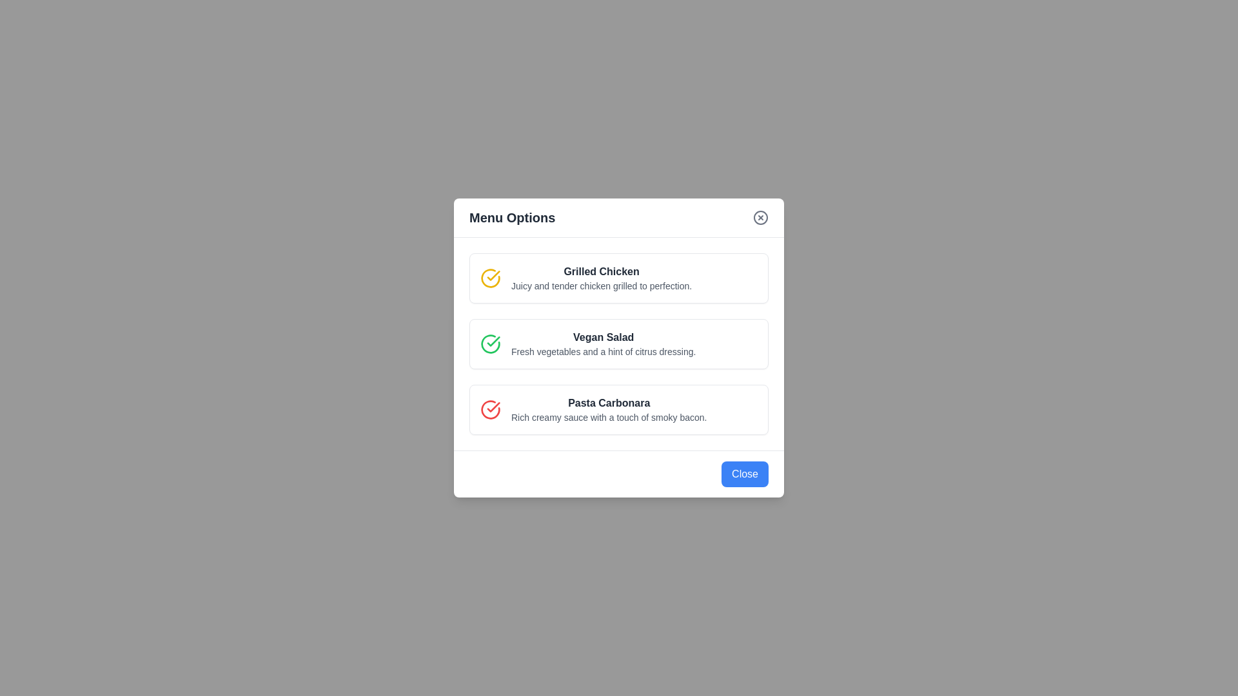 This screenshot has width=1238, height=696. Describe the element at coordinates (619, 410) in the screenshot. I see `the menu item Pasta Carbonara to select it` at that location.